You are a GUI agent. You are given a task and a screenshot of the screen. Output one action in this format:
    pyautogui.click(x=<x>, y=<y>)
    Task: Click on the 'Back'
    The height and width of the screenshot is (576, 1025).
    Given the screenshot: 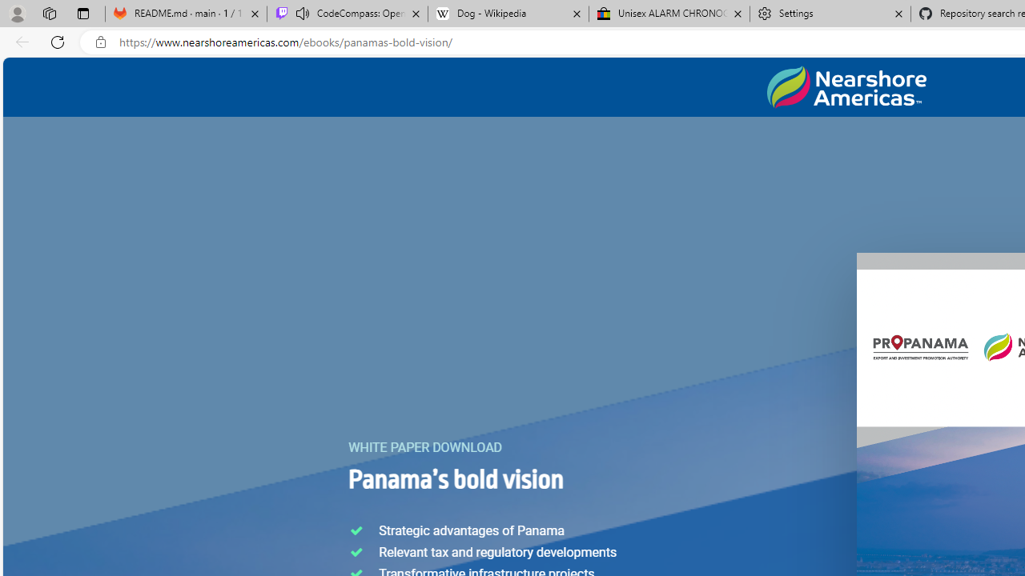 What is the action you would take?
    pyautogui.click(x=19, y=41)
    